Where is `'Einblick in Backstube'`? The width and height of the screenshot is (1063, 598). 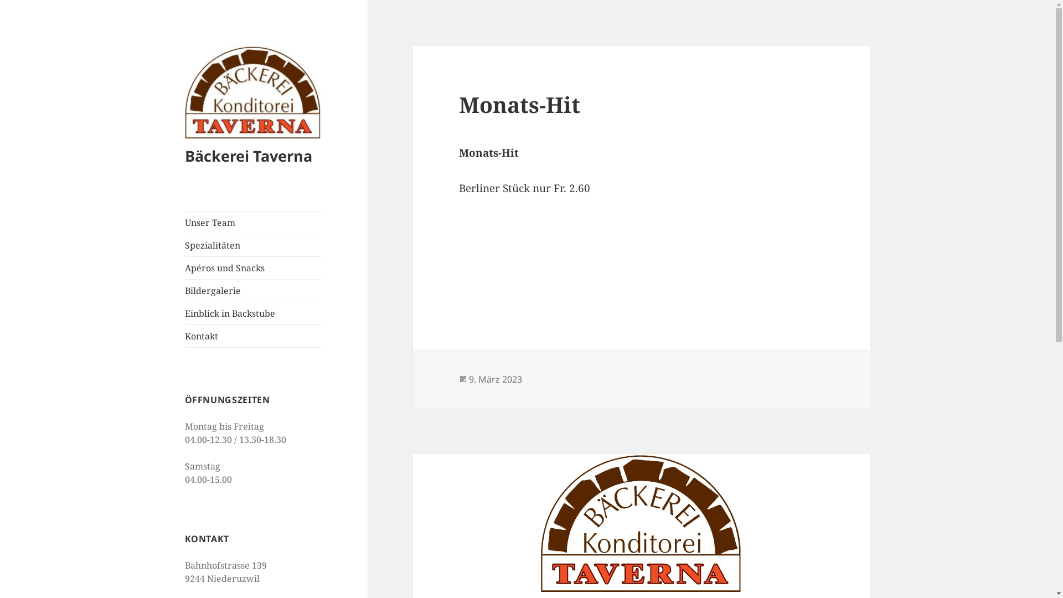 'Einblick in Backstube' is located at coordinates (185, 313).